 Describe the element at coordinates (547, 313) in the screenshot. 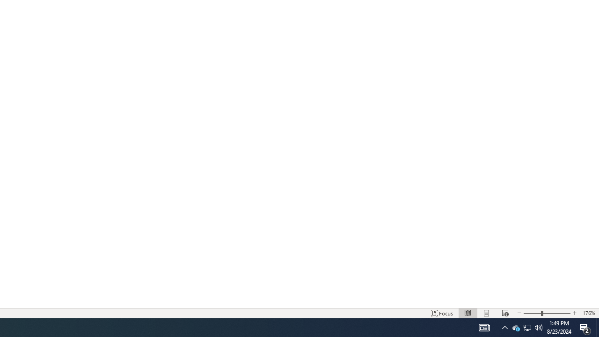

I see `'Text Size'` at that location.